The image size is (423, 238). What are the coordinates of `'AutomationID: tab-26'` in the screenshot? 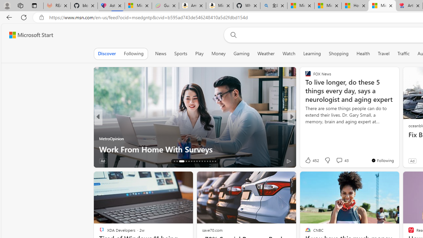 It's located at (204, 161).